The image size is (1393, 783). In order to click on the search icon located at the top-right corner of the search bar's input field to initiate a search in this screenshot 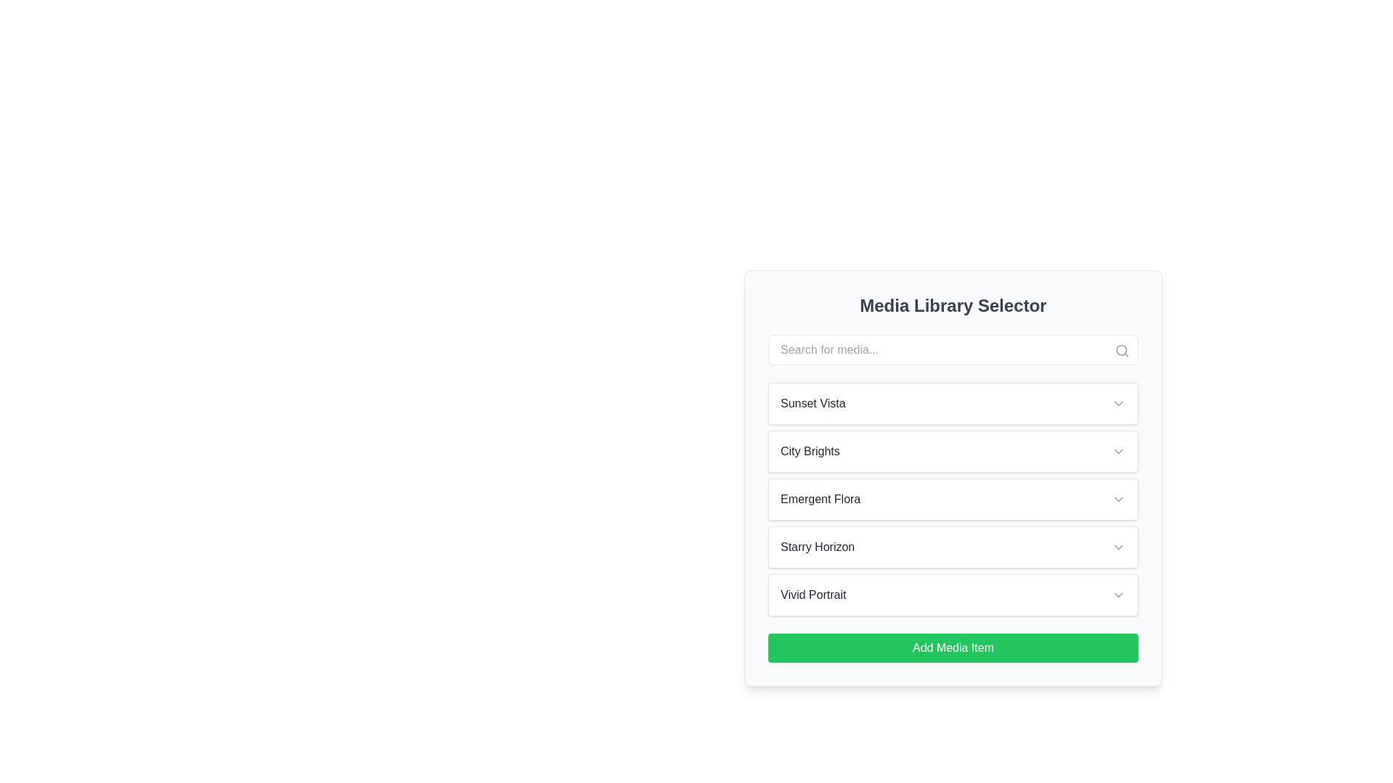, I will do `click(1121, 350)`.